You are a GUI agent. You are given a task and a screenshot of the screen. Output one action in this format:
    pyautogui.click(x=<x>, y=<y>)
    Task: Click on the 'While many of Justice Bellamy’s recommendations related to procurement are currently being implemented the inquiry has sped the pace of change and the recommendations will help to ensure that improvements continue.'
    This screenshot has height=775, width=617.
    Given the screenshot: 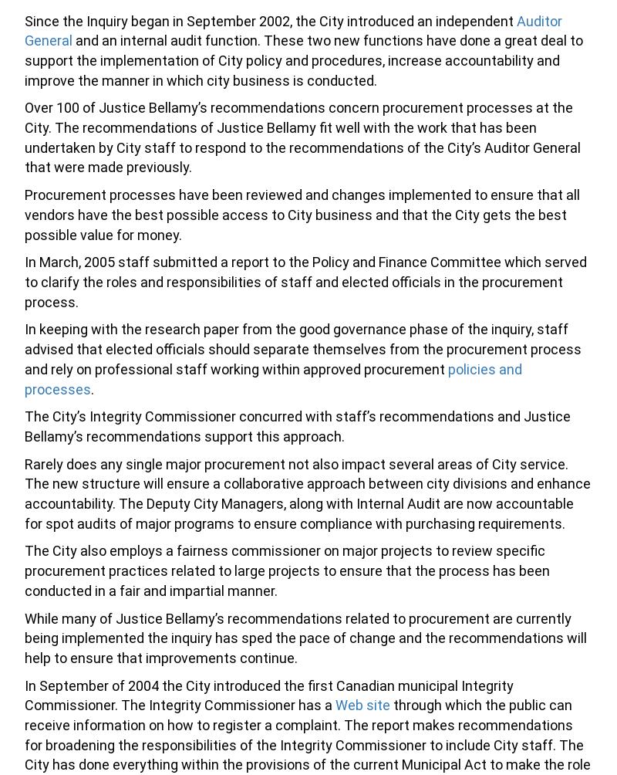 What is the action you would take?
    pyautogui.click(x=305, y=637)
    